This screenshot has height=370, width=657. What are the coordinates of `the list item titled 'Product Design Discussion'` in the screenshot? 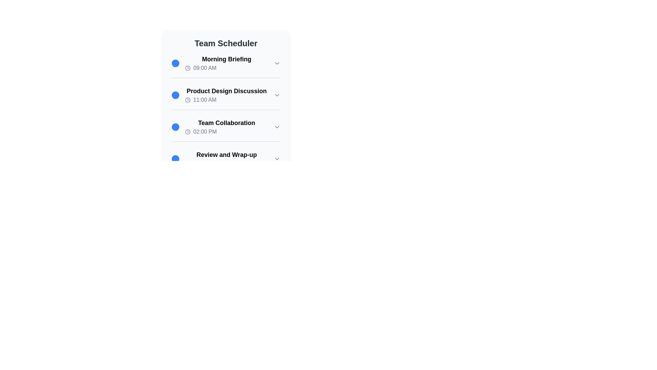 It's located at (227, 95).